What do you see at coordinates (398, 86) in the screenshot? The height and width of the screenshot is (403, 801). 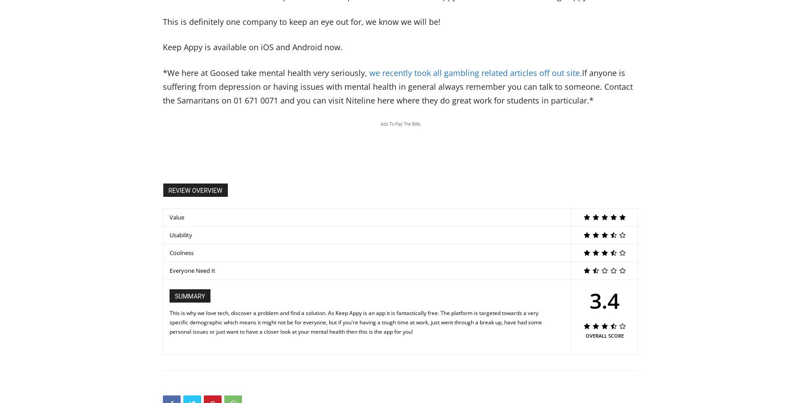 I see `'If anyone is suffering from depression or having issues with mental health in general always remember you can talk to someone. Contact the Samaritans on 01 671 0071 and you can visit Niteline here where they do great work for students in particular.*'` at bounding box center [398, 86].